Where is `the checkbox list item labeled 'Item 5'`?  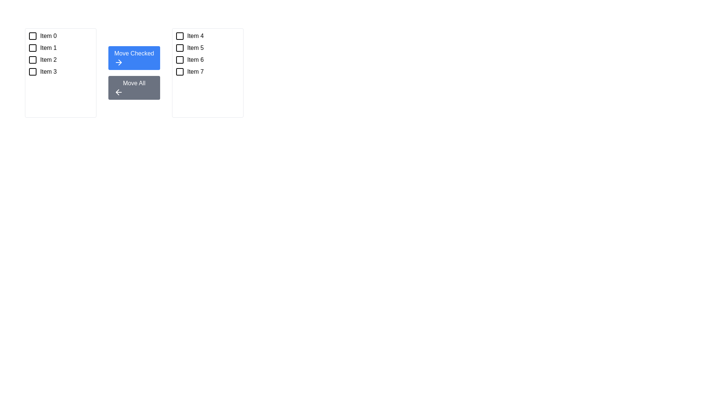
the checkbox list item labeled 'Item 5' is located at coordinates (207, 48).